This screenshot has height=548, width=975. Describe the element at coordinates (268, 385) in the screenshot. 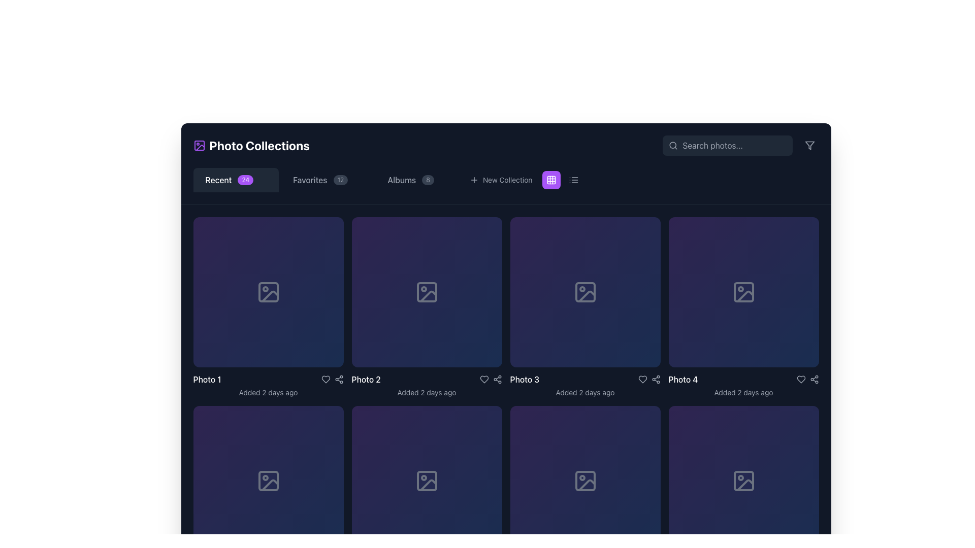

I see `the text display component that shows the title 'Photo 1' and the subtitle 'Added 2 days ago' in a card layout with a dark background` at that location.